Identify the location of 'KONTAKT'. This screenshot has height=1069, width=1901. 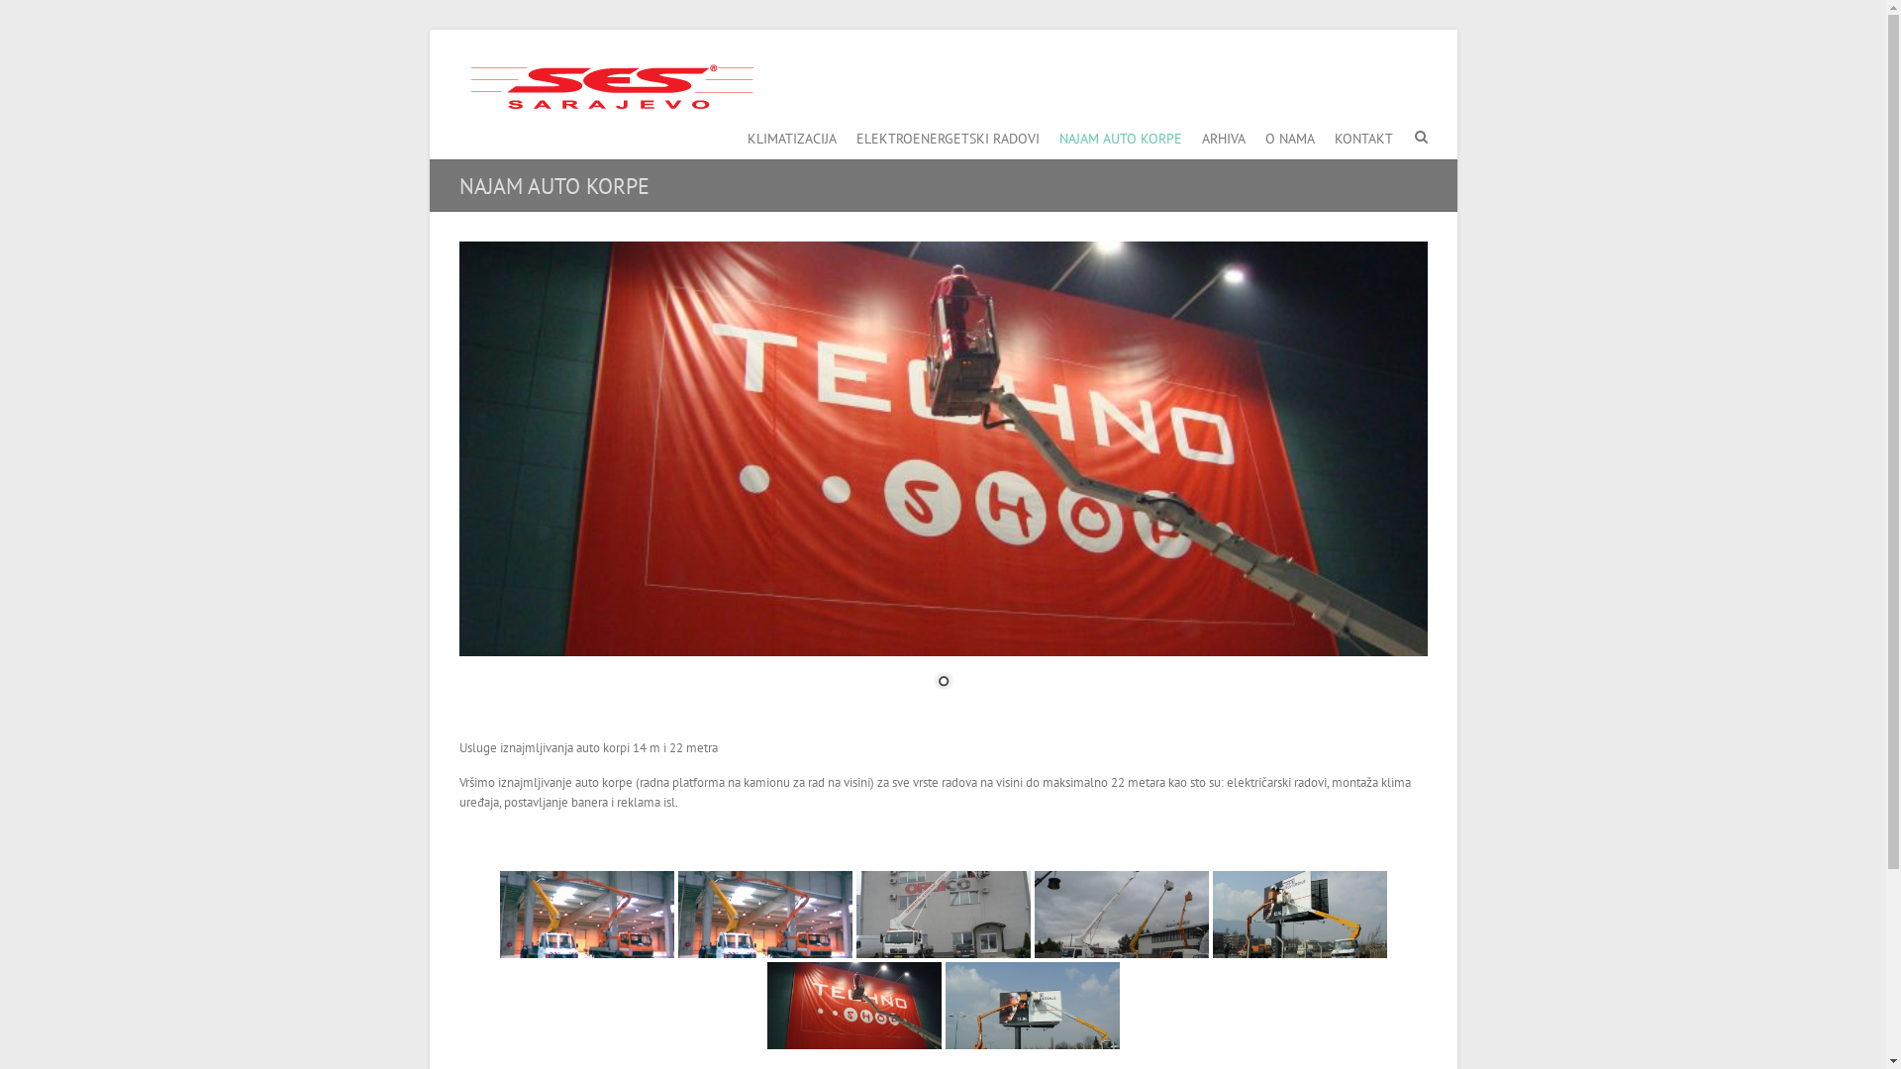
(1362, 134).